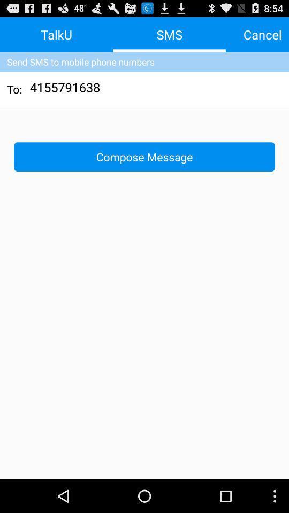 The height and width of the screenshot is (513, 289). What do you see at coordinates (262, 34) in the screenshot?
I see `the icon next to the sms icon` at bounding box center [262, 34].